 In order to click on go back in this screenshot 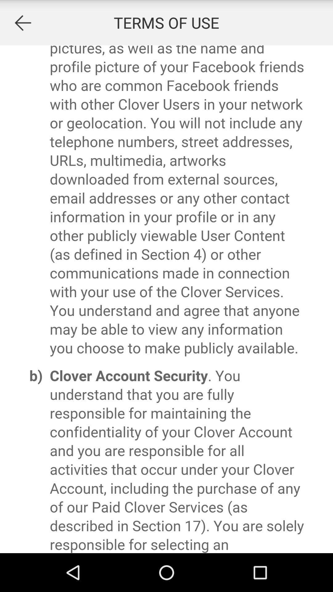, I will do `click(22, 23)`.